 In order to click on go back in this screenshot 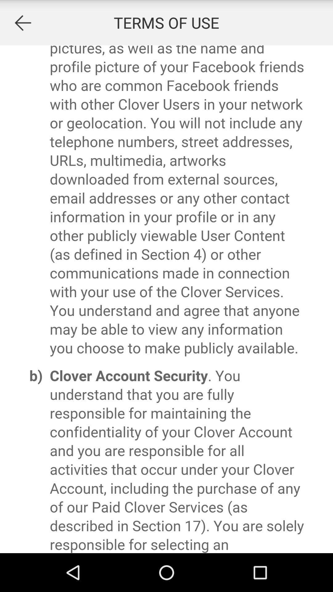, I will do `click(22, 23)`.